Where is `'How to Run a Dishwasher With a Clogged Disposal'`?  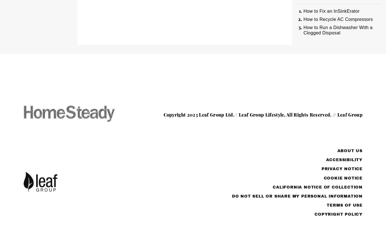 'How to Run a Dishwasher With a Clogged Disposal' is located at coordinates (338, 30).